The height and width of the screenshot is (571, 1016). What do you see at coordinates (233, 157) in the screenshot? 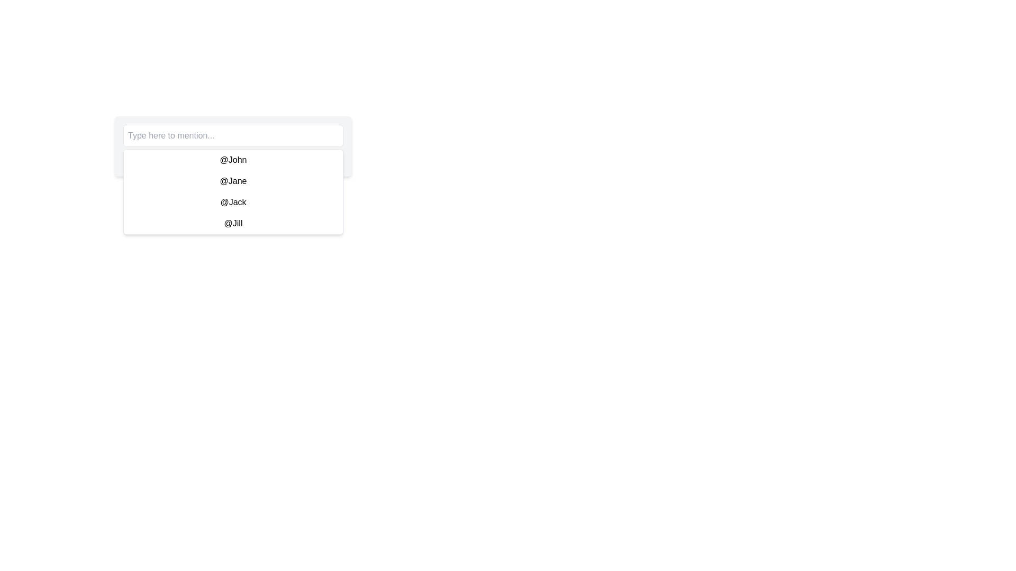
I see `the Text Label displaying 'Mentions:' which is bolded and located at the top-left section of the interface` at bounding box center [233, 157].